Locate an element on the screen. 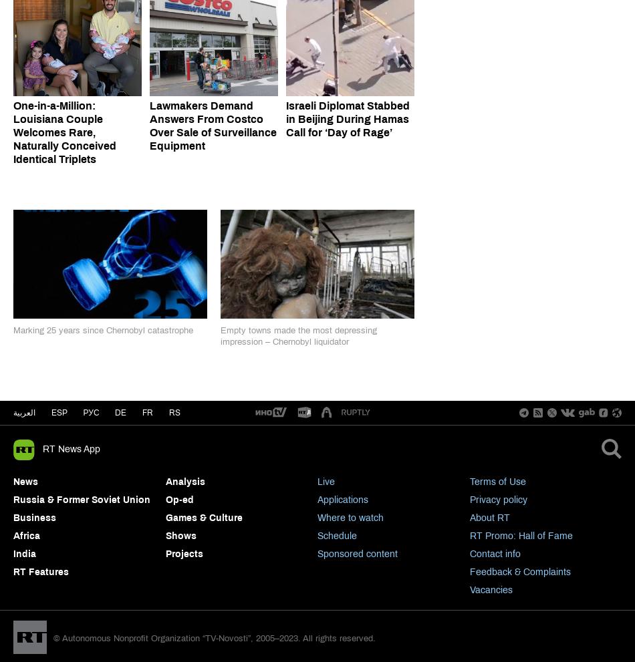 The width and height of the screenshot is (635, 662). 'India' is located at coordinates (24, 552).